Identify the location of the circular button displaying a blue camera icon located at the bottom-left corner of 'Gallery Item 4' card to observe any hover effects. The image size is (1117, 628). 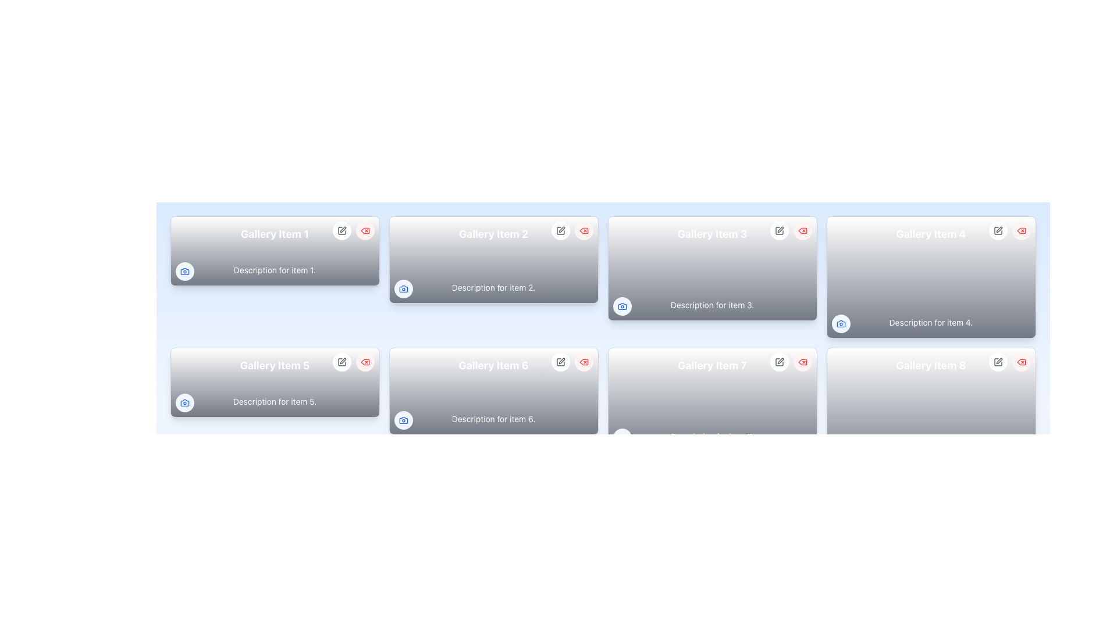
(841, 323).